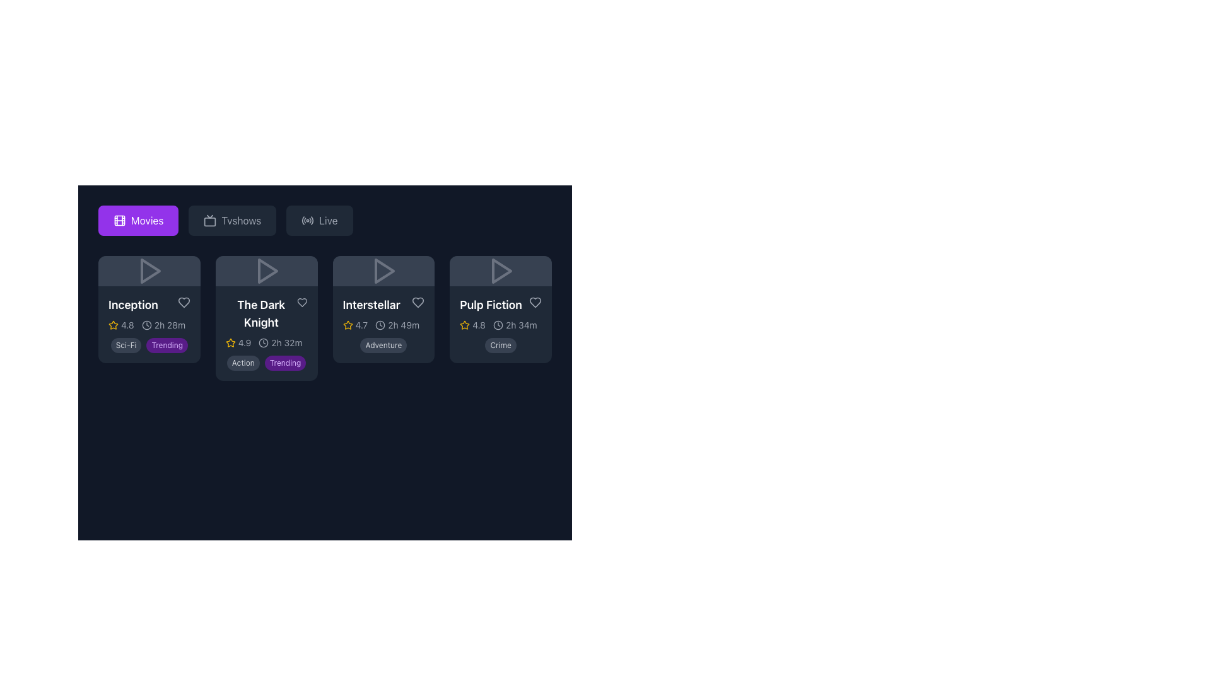 The width and height of the screenshot is (1211, 681). I want to click on the tags within the first movie selection card to filter or categorize the movies, so click(149, 318).